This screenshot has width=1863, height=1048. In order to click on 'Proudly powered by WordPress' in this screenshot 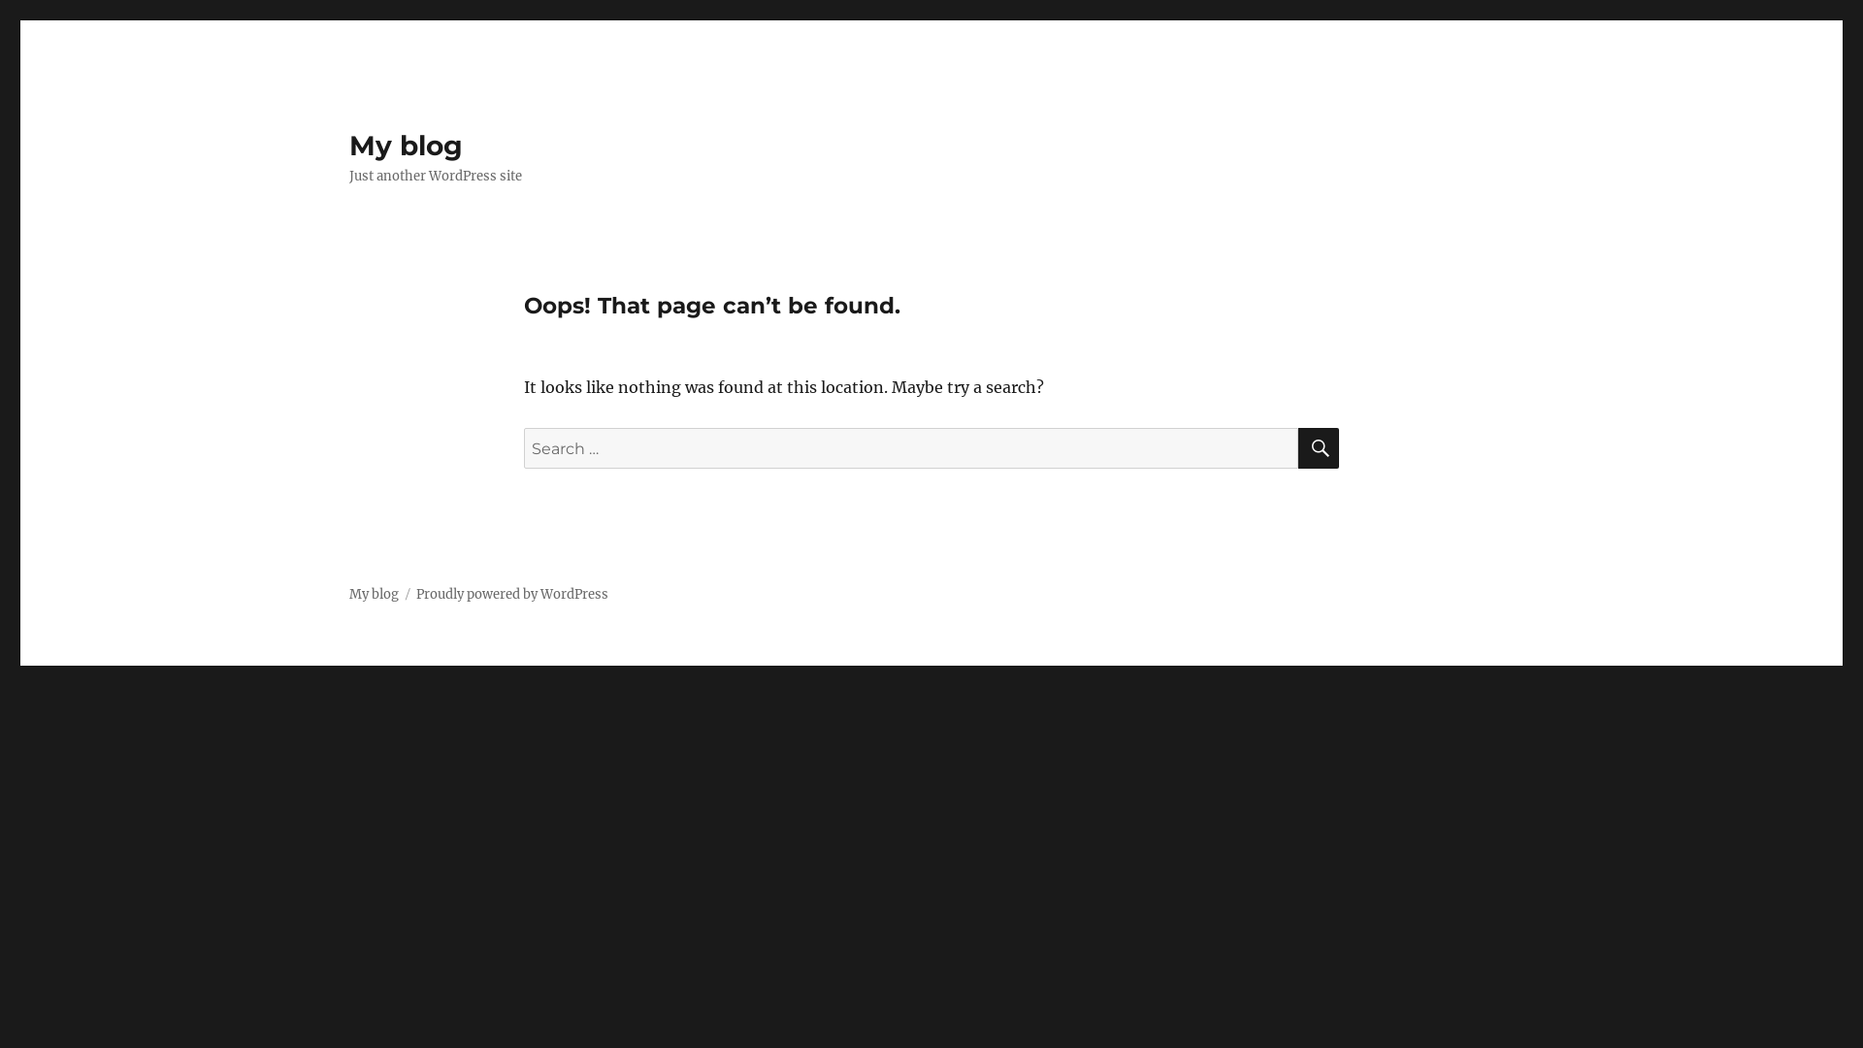, I will do `click(512, 593)`.